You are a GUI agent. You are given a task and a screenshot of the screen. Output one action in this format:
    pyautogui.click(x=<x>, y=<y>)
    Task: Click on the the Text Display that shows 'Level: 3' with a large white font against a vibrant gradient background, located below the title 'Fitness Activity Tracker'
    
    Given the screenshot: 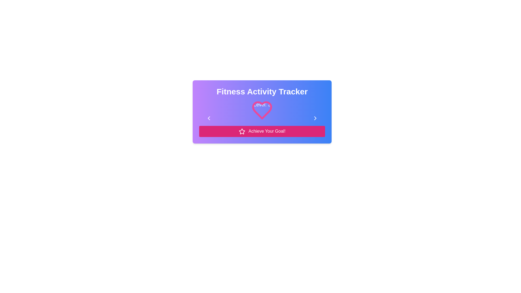 What is the action you would take?
    pyautogui.click(x=262, y=104)
    